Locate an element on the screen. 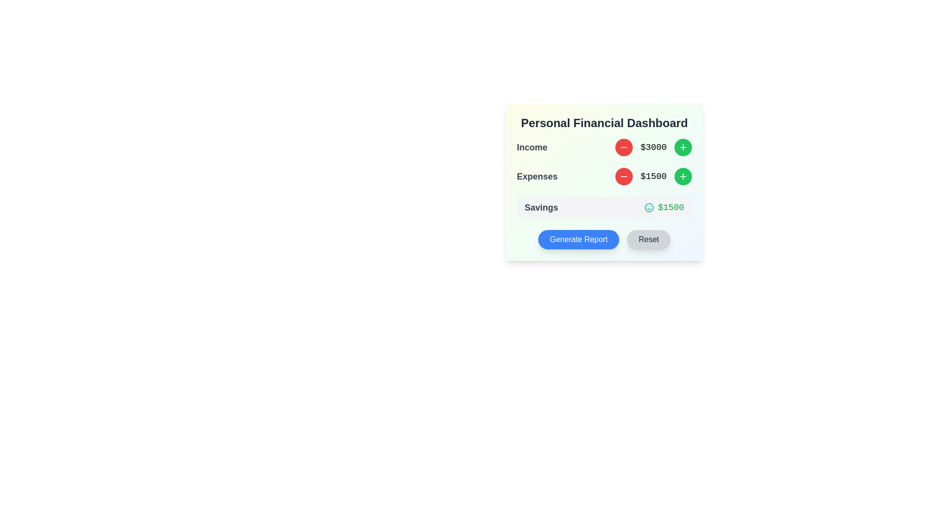 This screenshot has width=931, height=524. the circular background of the smiley face icon located next to the numeric value '$1500' in the 'Savings' section of the dashboard is located at coordinates (649, 207).